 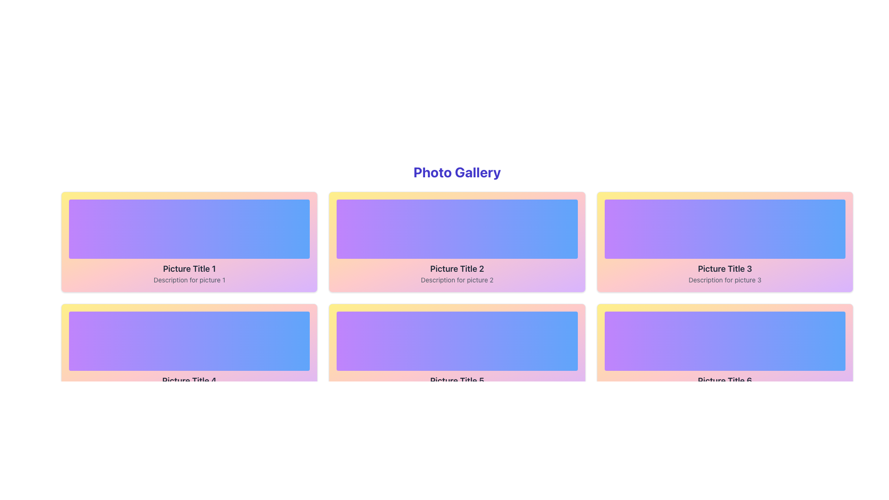 What do you see at coordinates (457, 242) in the screenshot?
I see `the second card in the first row of the grid layout, which features a gradient background and contains the title 'Picture Title 2'` at bounding box center [457, 242].